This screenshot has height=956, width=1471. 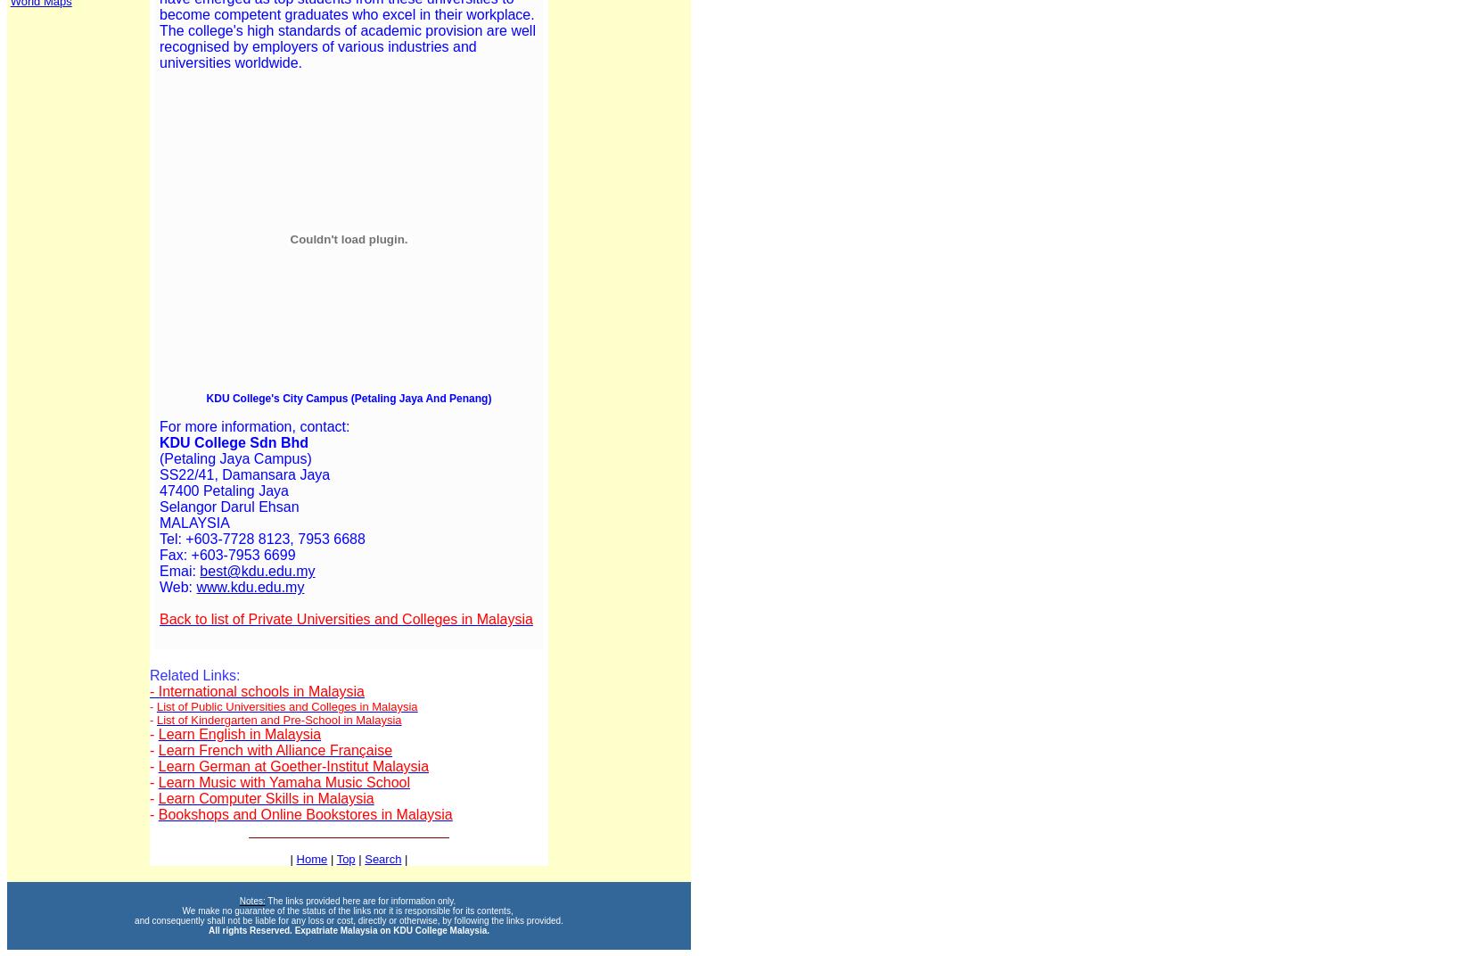 What do you see at coordinates (235, 458) in the screenshot?
I see `'(Petaling Jaya Campus)'` at bounding box center [235, 458].